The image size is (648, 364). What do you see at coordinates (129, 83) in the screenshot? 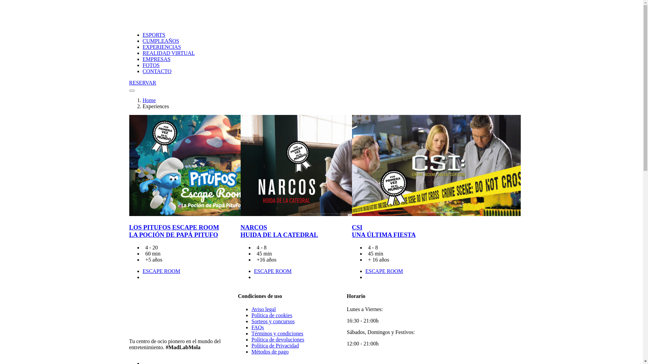
I see `'RESERVAR'` at bounding box center [129, 83].